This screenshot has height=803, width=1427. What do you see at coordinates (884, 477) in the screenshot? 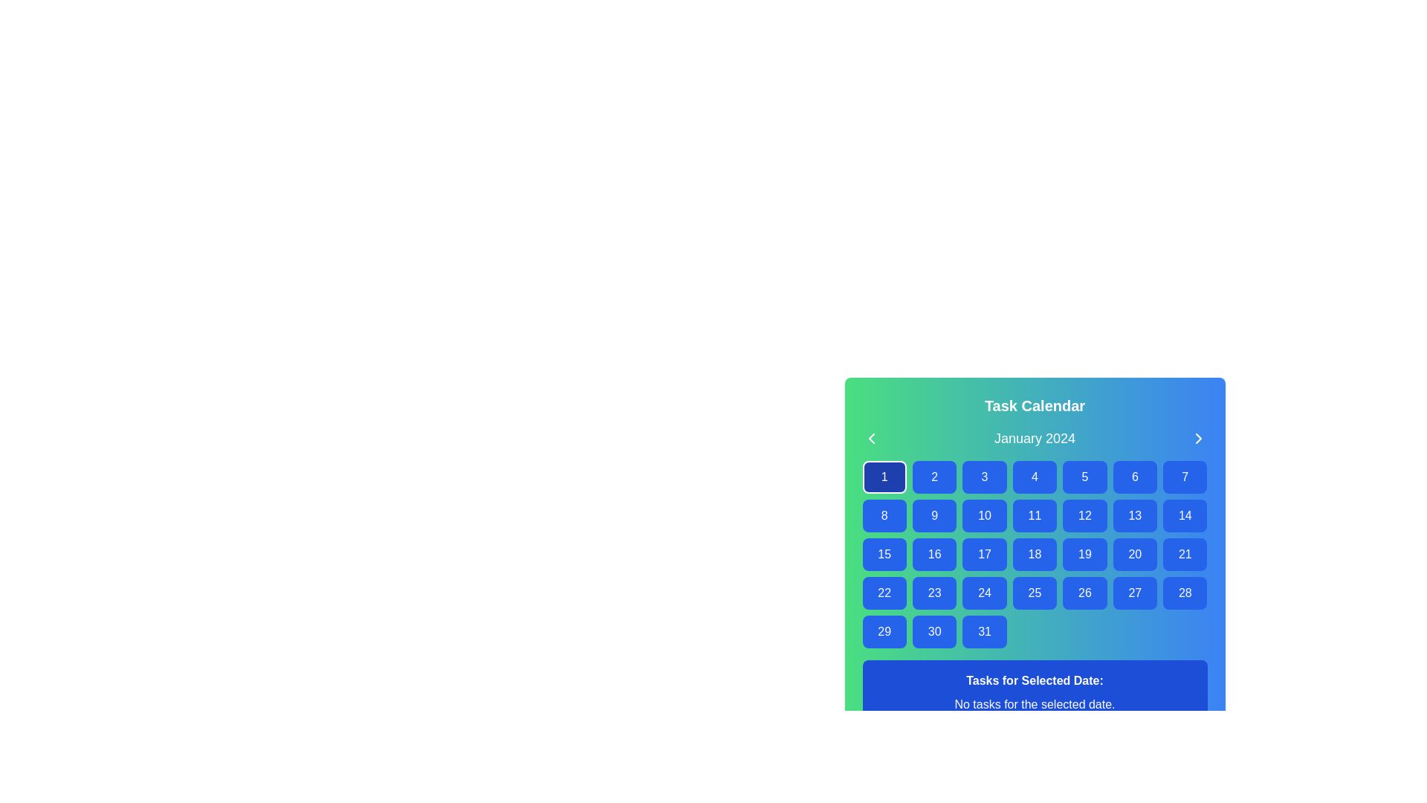
I see `the first button in the first row of the calendar grid to interact with it and display tasks or details for the first day of the month` at bounding box center [884, 477].